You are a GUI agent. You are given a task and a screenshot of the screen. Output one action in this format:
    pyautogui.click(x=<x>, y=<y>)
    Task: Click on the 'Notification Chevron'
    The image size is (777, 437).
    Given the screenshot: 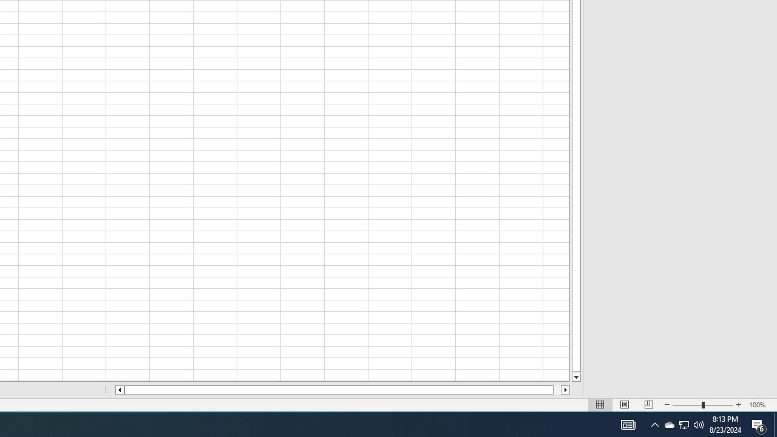 What is the action you would take?
    pyautogui.click(x=654, y=424)
    